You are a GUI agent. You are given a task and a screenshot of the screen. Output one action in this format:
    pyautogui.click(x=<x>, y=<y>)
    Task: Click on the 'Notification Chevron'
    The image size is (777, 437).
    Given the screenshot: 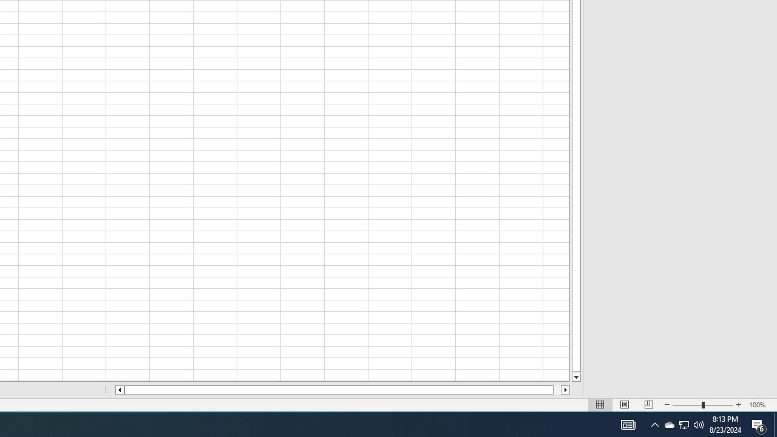 What is the action you would take?
    pyautogui.click(x=654, y=424)
    